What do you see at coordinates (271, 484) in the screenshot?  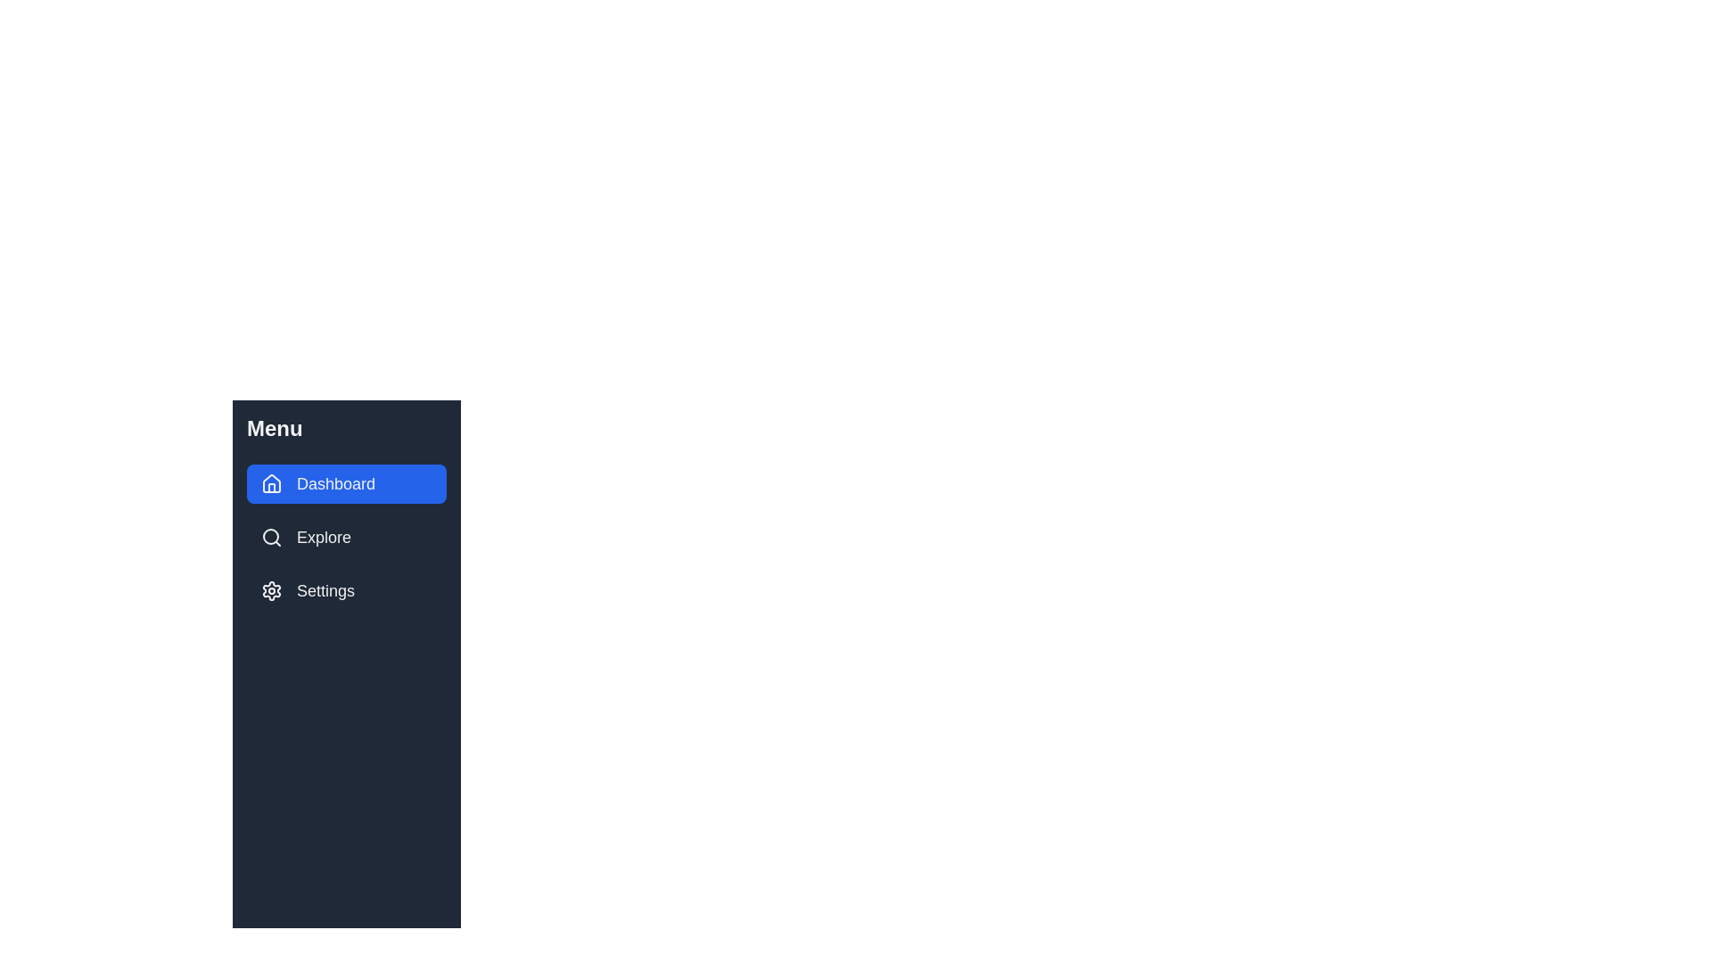 I see `the small house-shaped icon located in the left-hand side panel of the interface` at bounding box center [271, 484].